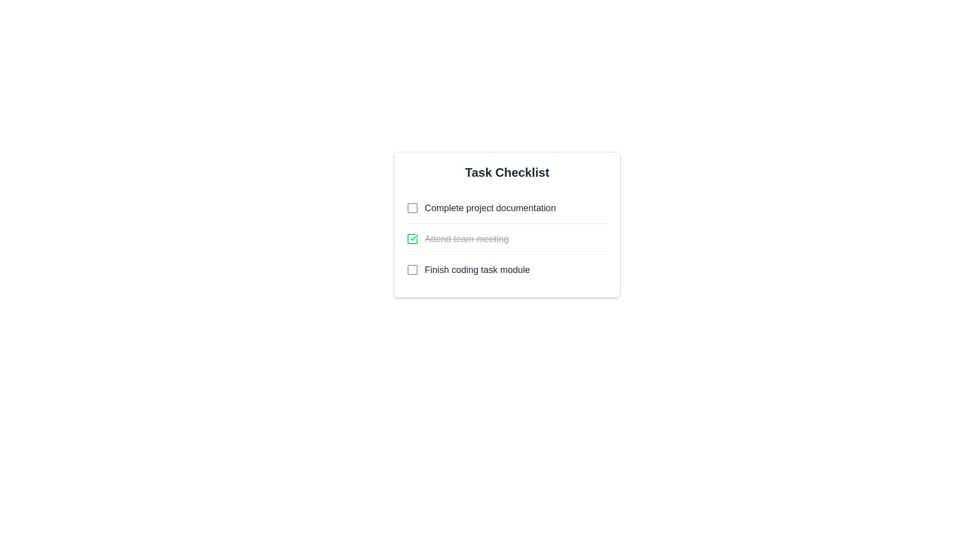 The height and width of the screenshot is (547, 972). What do you see at coordinates (413, 239) in the screenshot?
I see `the checkbox located next to the text 'Attend team meeting', which is the second item in the checklist interface` at bounding box center [413, 239].